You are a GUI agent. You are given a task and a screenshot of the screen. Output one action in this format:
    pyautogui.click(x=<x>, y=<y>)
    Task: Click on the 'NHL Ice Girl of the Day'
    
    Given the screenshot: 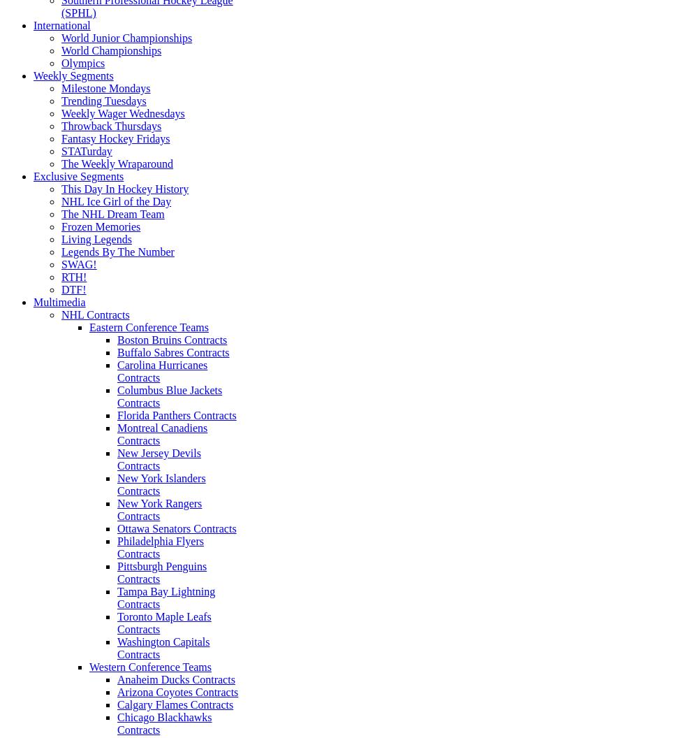 What is the action you would take?
    pyautogui.click(x=116, y=201)
    